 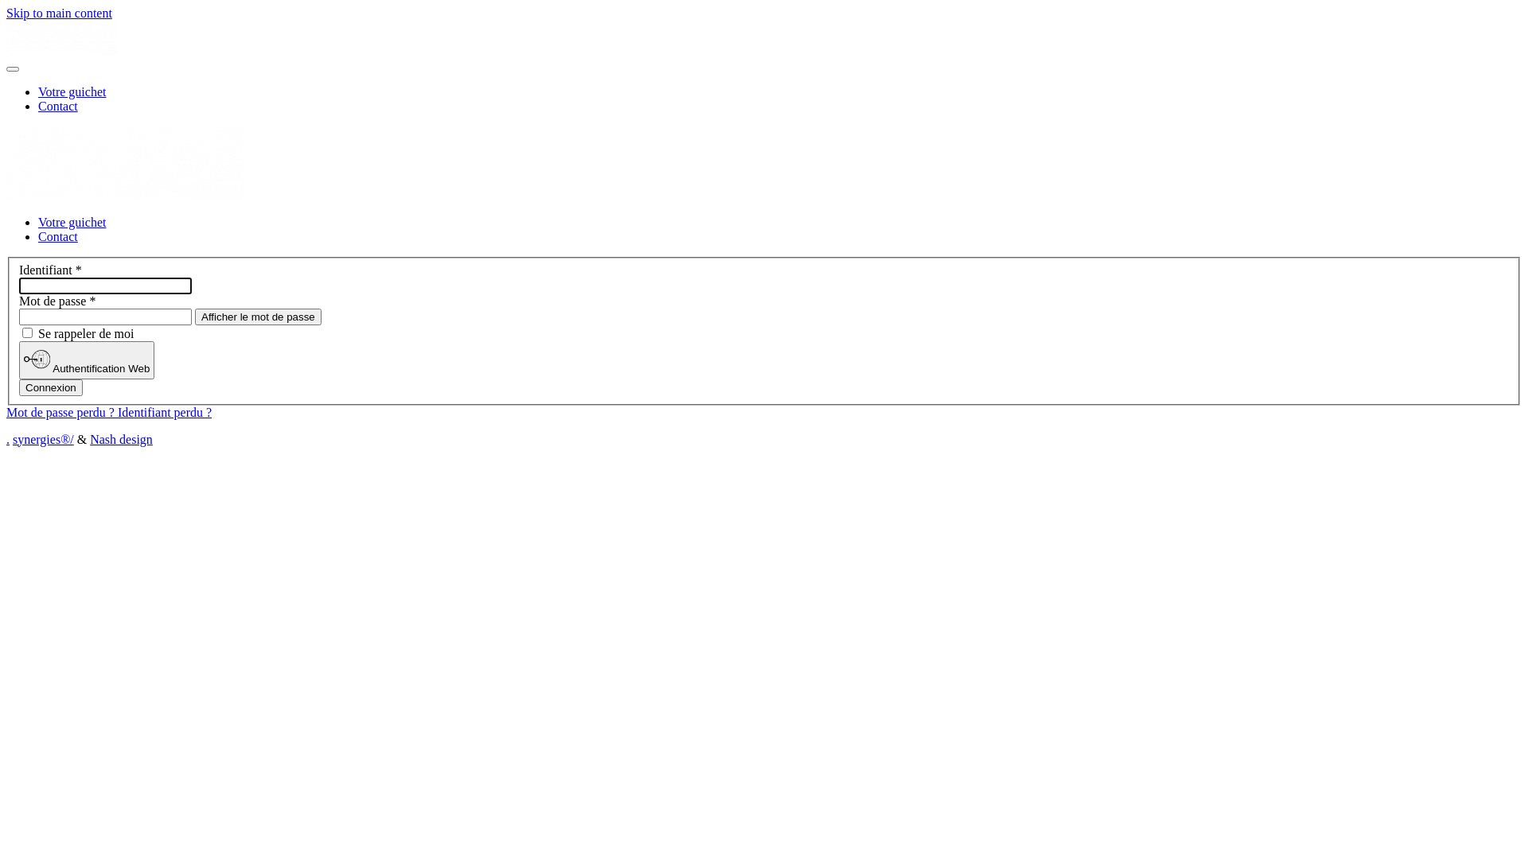 I want to click on 'Afficher le mot de passe', so click(x=258, y=317).